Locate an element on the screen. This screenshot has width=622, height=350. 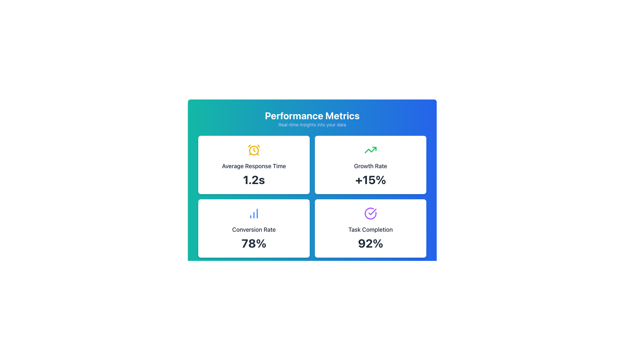
the task completion percentage text element located within the 'Task Completion' card in the bottom-right quadrant of the layout is located at coordinates (370, 243).